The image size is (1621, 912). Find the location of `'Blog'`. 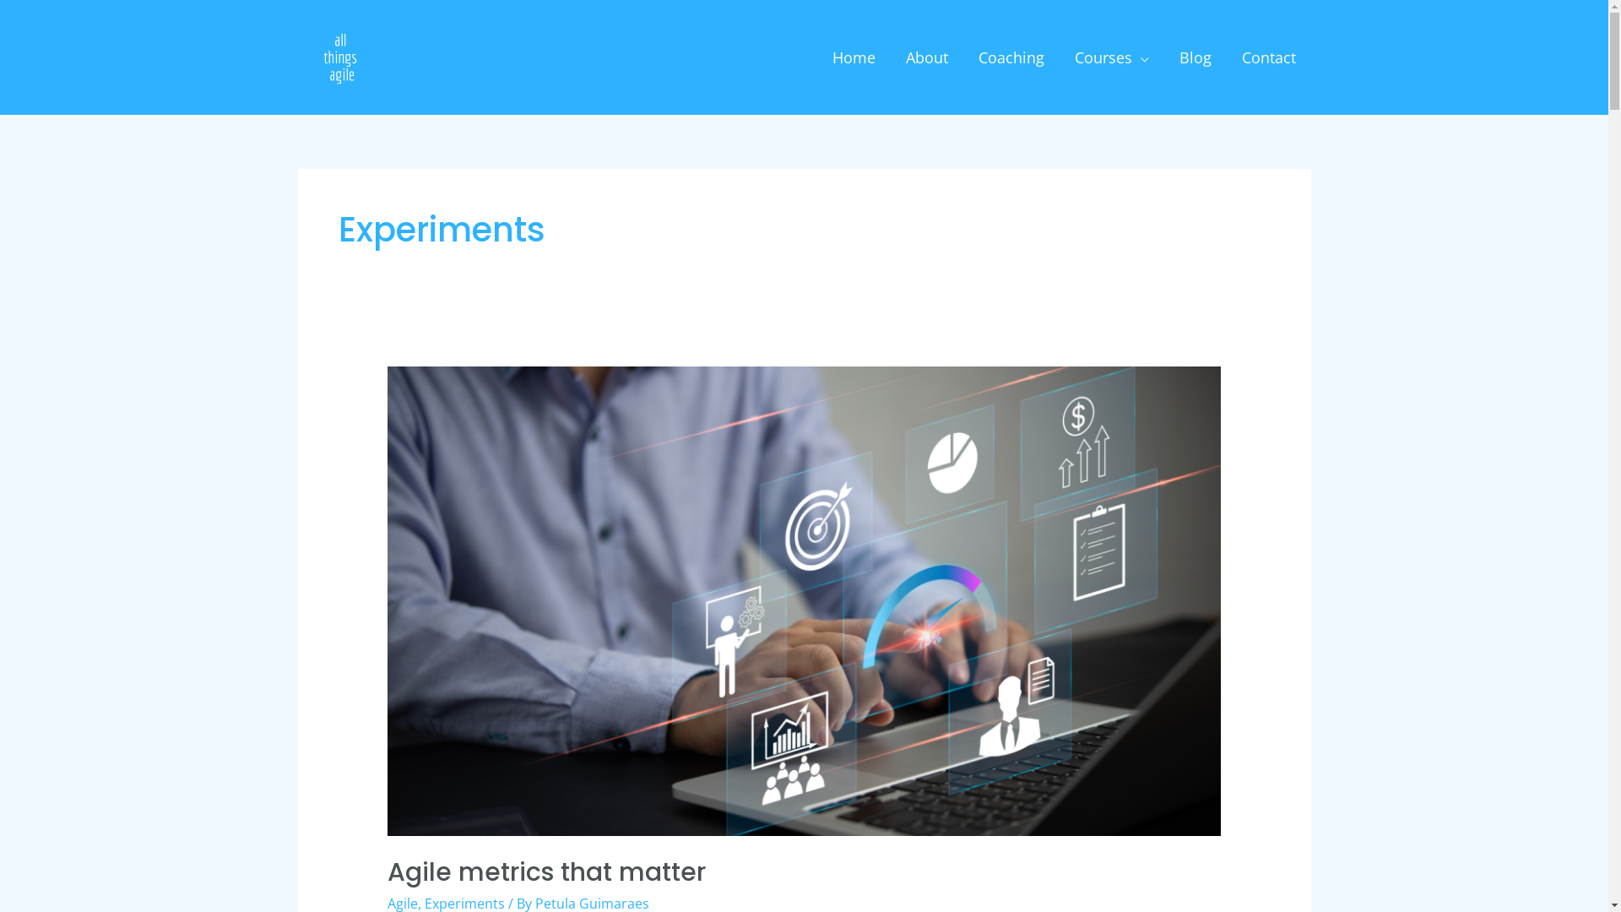

'Blog' is located at coordinates (1194, 57).